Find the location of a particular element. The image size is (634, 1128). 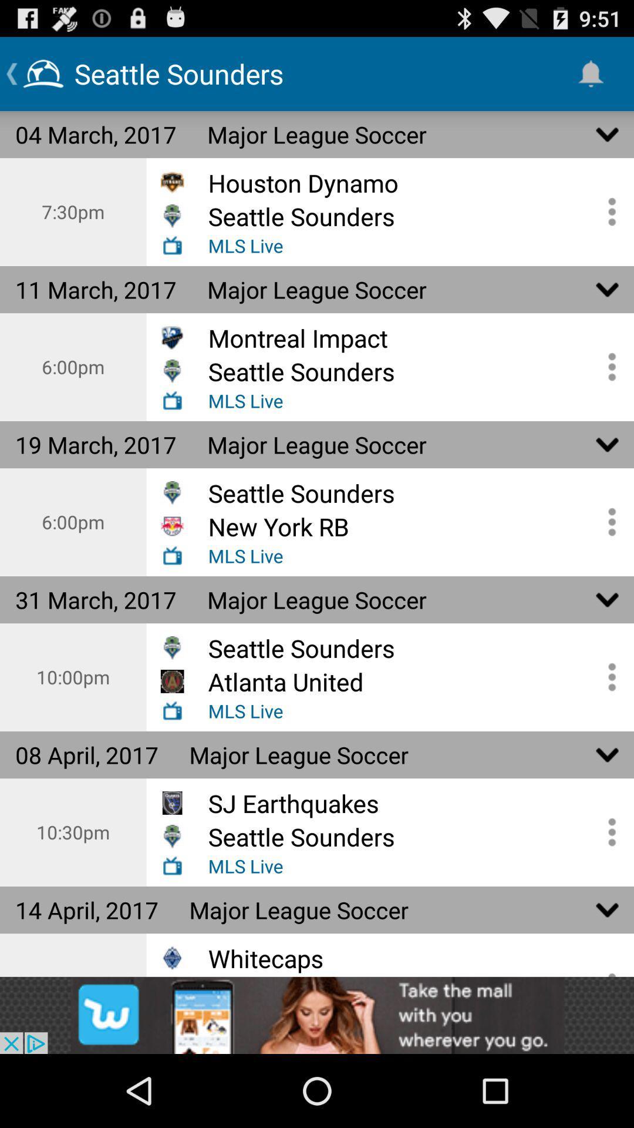

options is located at coordinates (608, 831).